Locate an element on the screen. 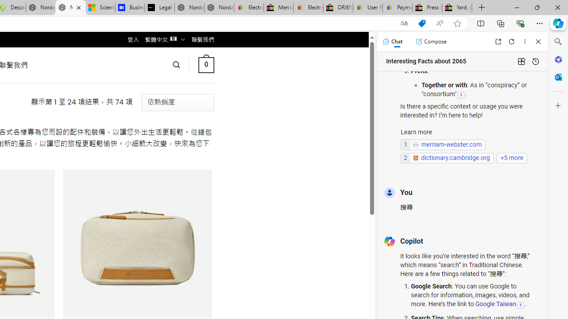  'Yard, Garden & Outdoor Living' is located at coordinates (457, 8).